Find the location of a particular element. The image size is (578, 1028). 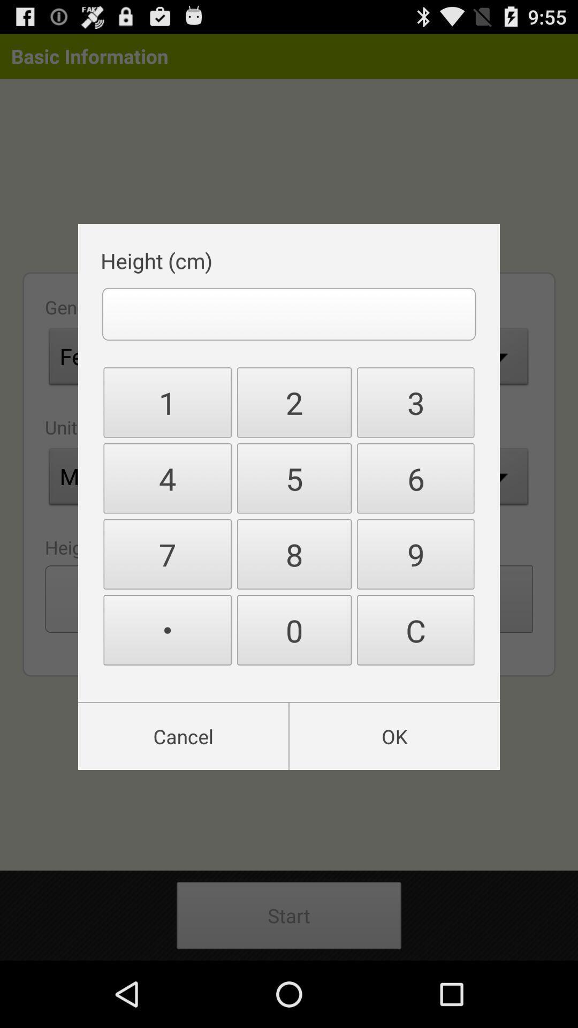

ok icon is located at coordinates (394, 736).